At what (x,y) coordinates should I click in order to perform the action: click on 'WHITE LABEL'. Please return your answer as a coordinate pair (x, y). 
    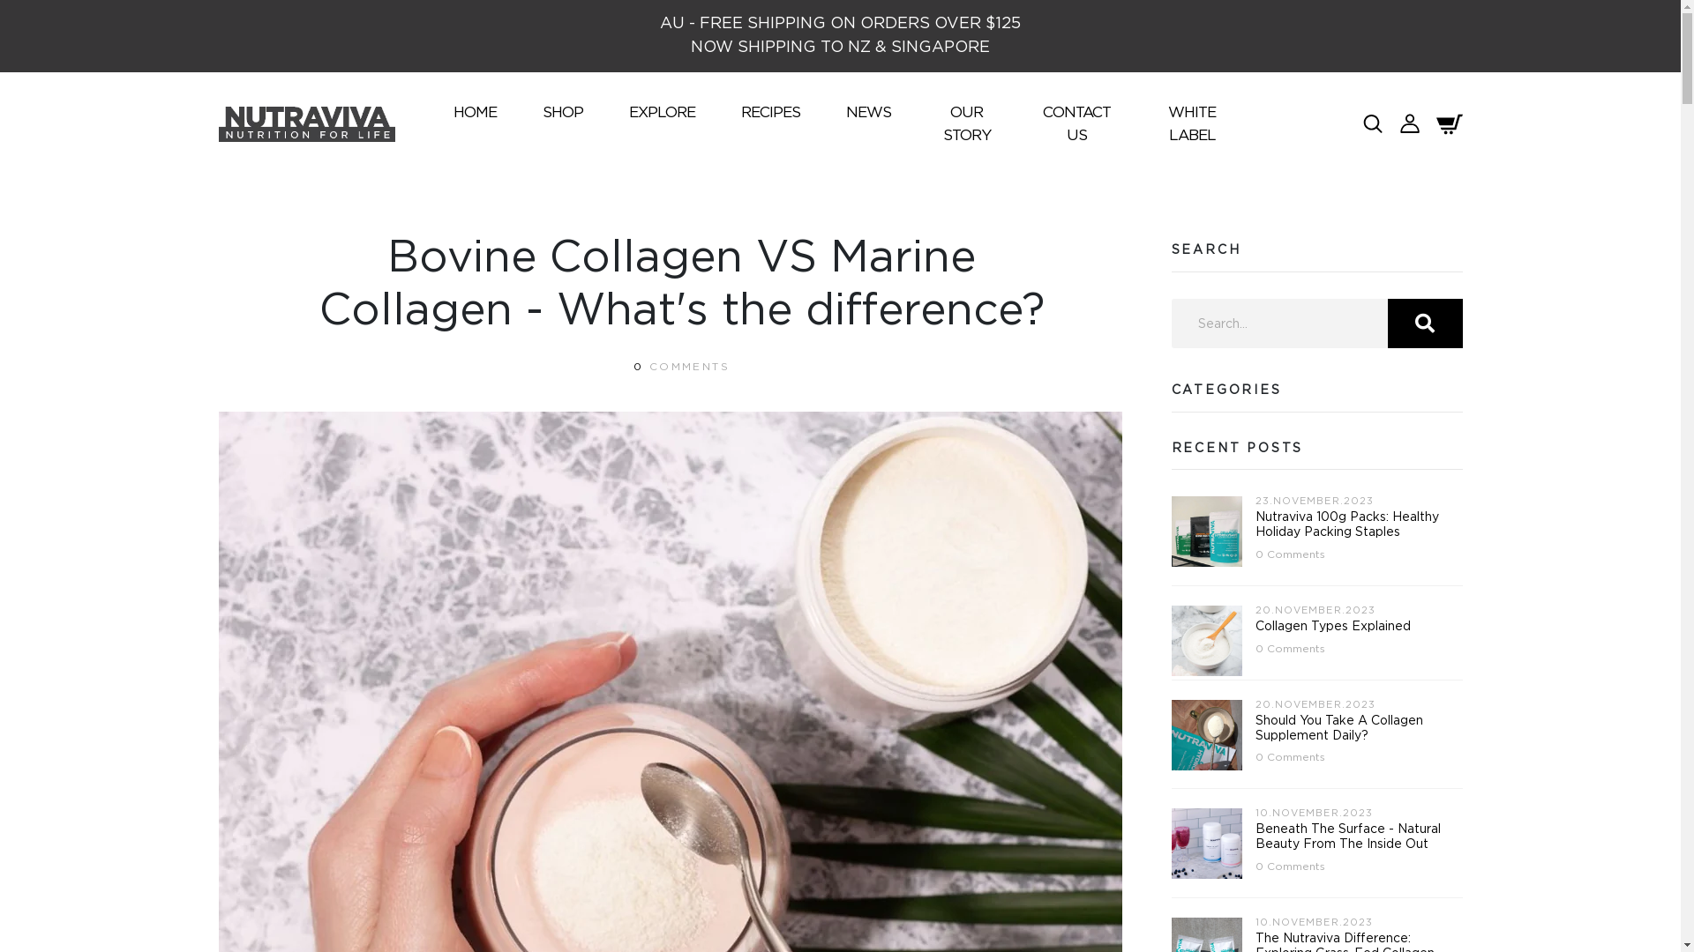
    Looking at the image, I should click on (1192, 123).